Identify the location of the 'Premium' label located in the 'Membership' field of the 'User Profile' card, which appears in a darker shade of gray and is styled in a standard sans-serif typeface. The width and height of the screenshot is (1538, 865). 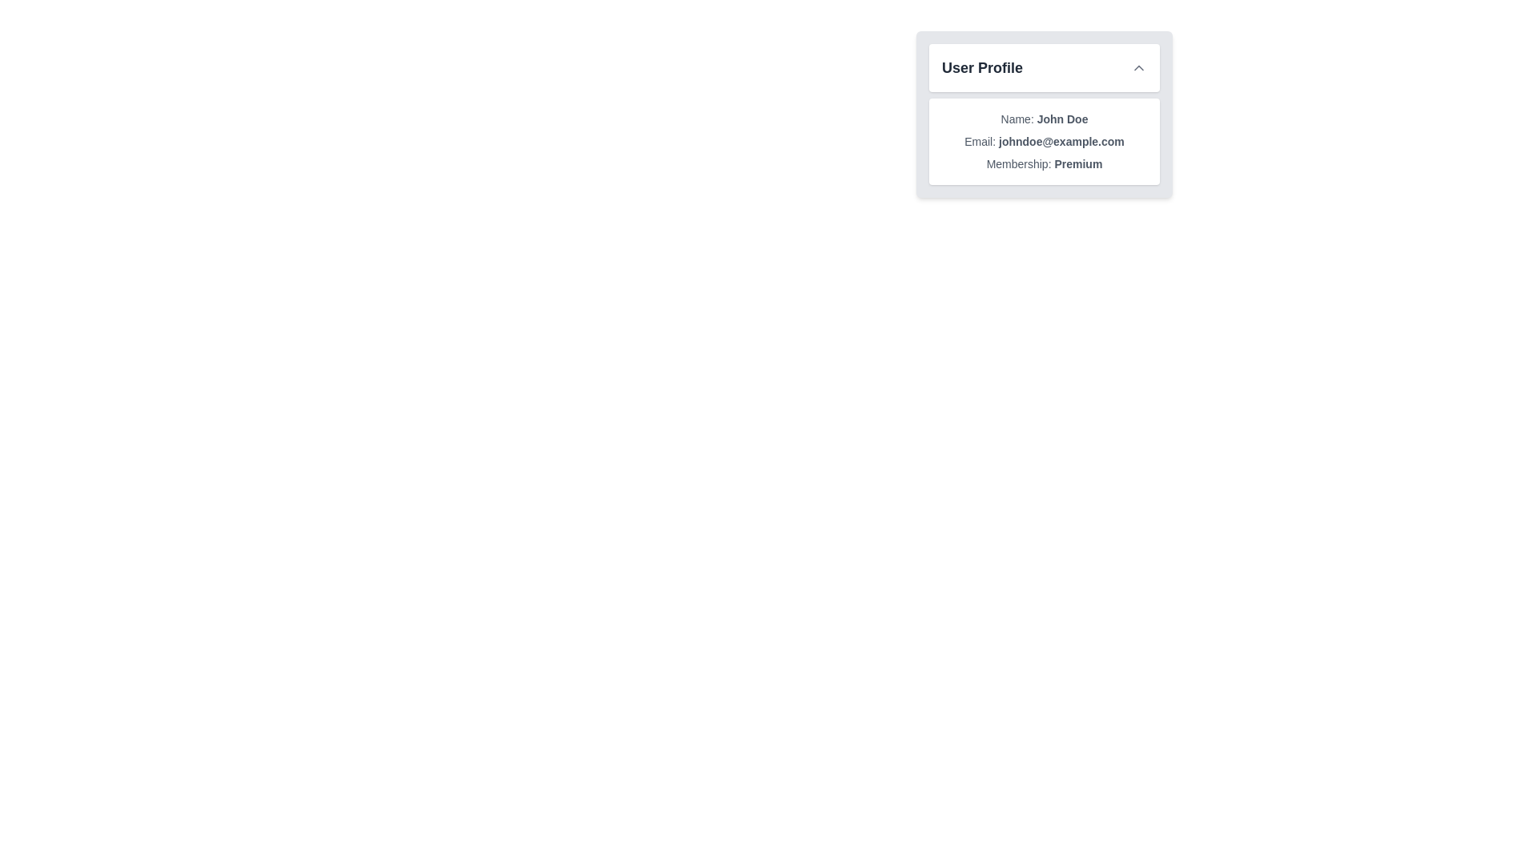
(1078, 163).